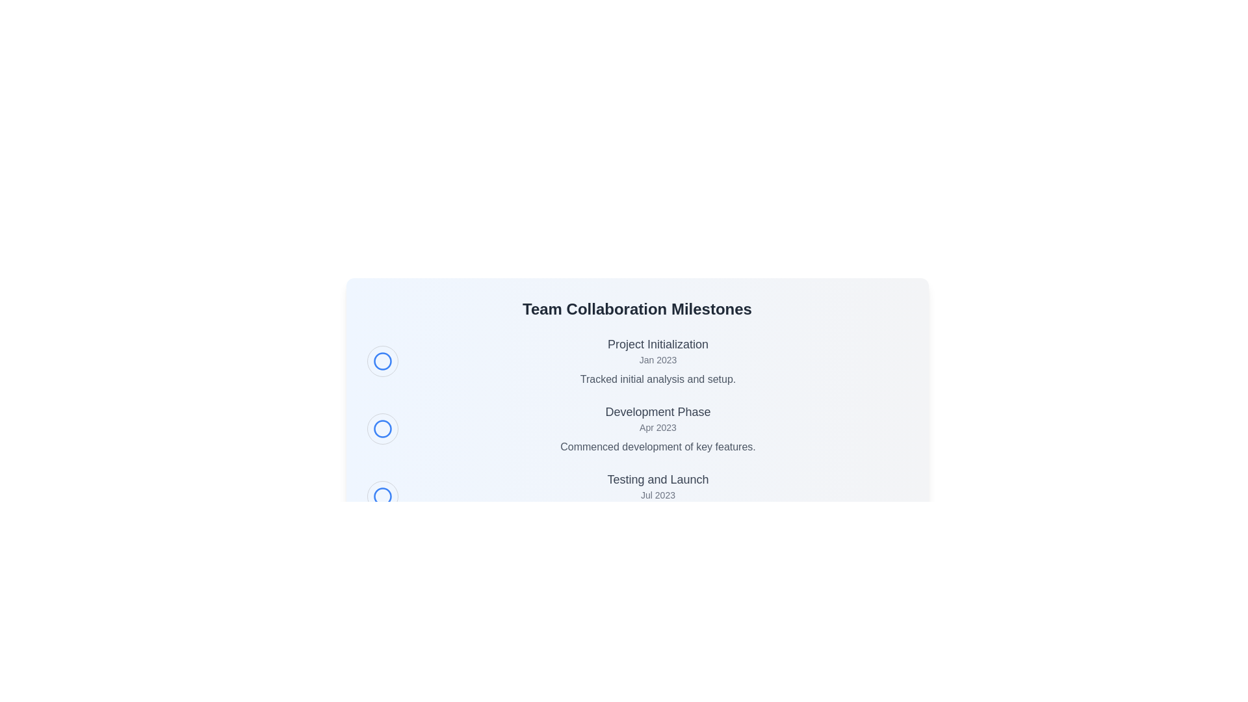 The width and height of the screenshot is (1248, 702). Describe the element at coordinates (658, 496) in the screenshot. I see `assistive technologies` at that location.